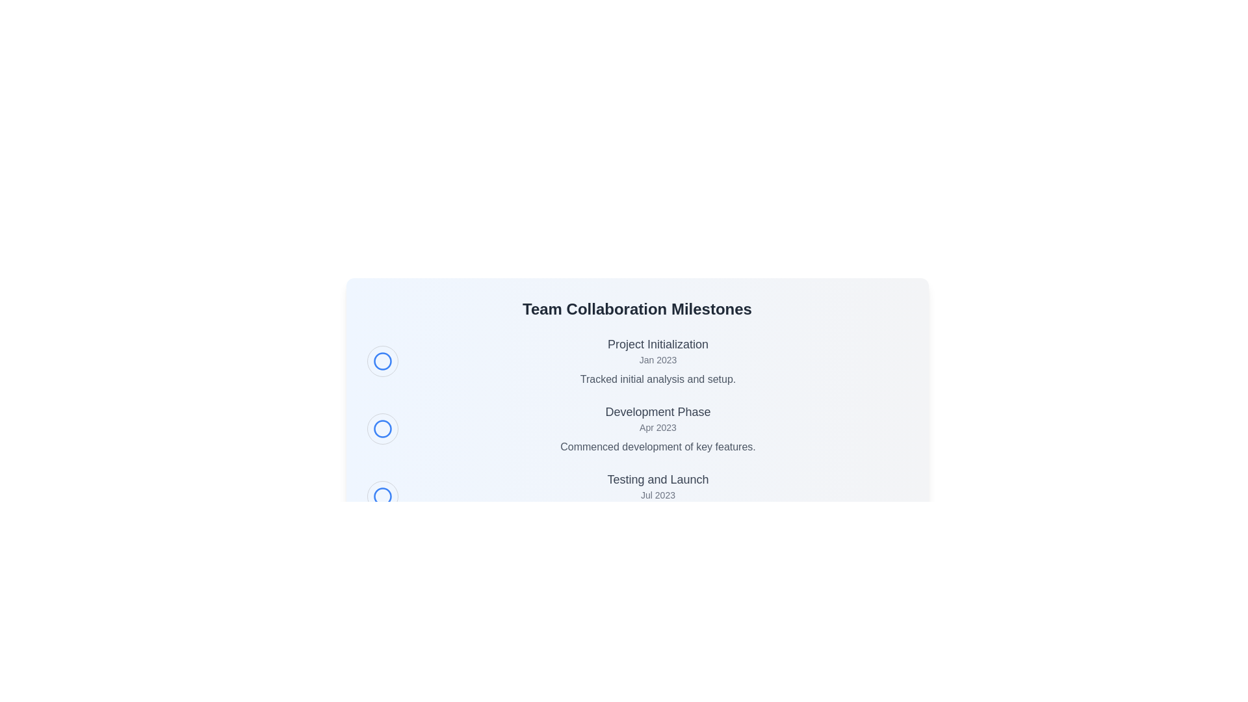 The width and height of the screenshot is (1248, 702). Describe the element at coordinates (658, 496) in the screenshot. I see `assistive technologies` at that location.